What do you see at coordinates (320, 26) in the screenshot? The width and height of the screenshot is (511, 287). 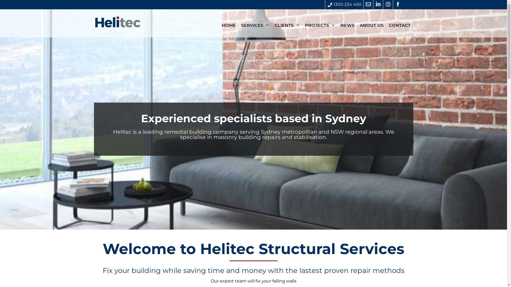 I see `'PROJECTS'` at bounding box center [320, 26].